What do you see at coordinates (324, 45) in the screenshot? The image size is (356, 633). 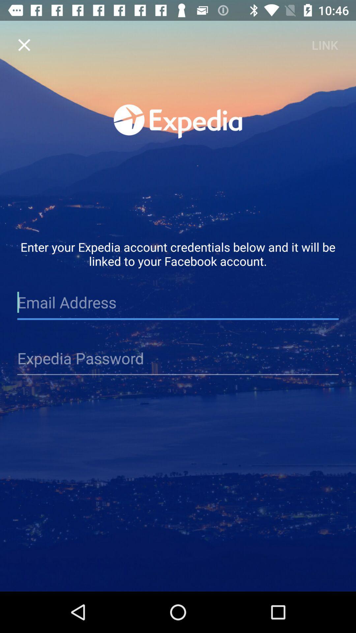 I see `the link at the top right corner` at bounding box center [324, 45].